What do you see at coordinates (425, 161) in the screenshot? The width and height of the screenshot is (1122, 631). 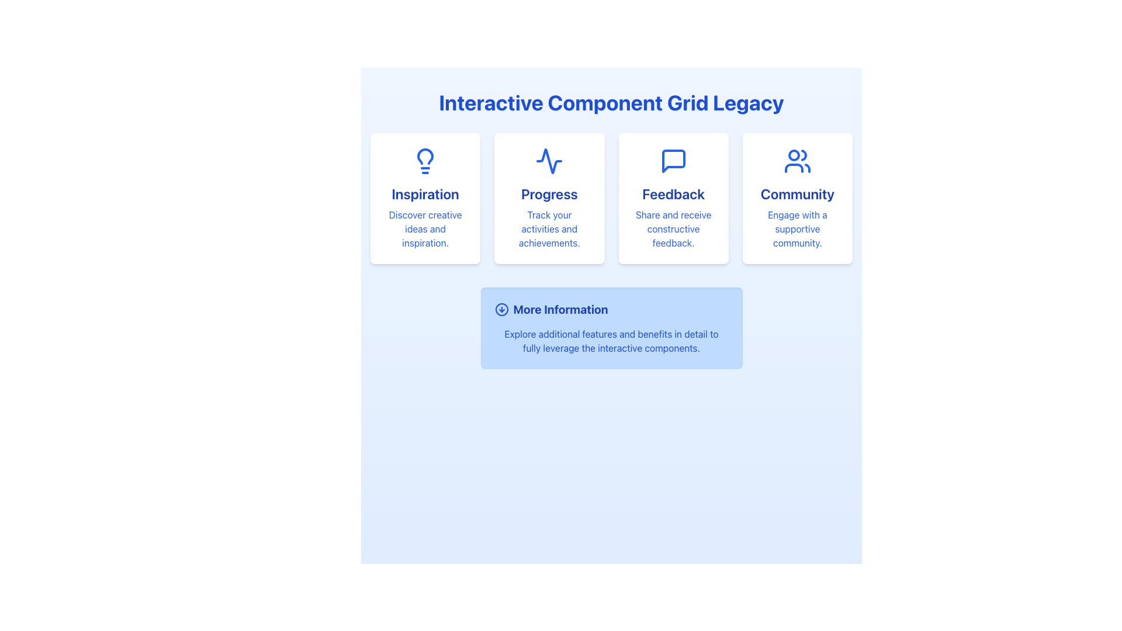 I see `the 'Inspiration' icon located at the center of the card, which enhances the card's theme but does not perform any interactive functions` at bounding box center [425, 161].